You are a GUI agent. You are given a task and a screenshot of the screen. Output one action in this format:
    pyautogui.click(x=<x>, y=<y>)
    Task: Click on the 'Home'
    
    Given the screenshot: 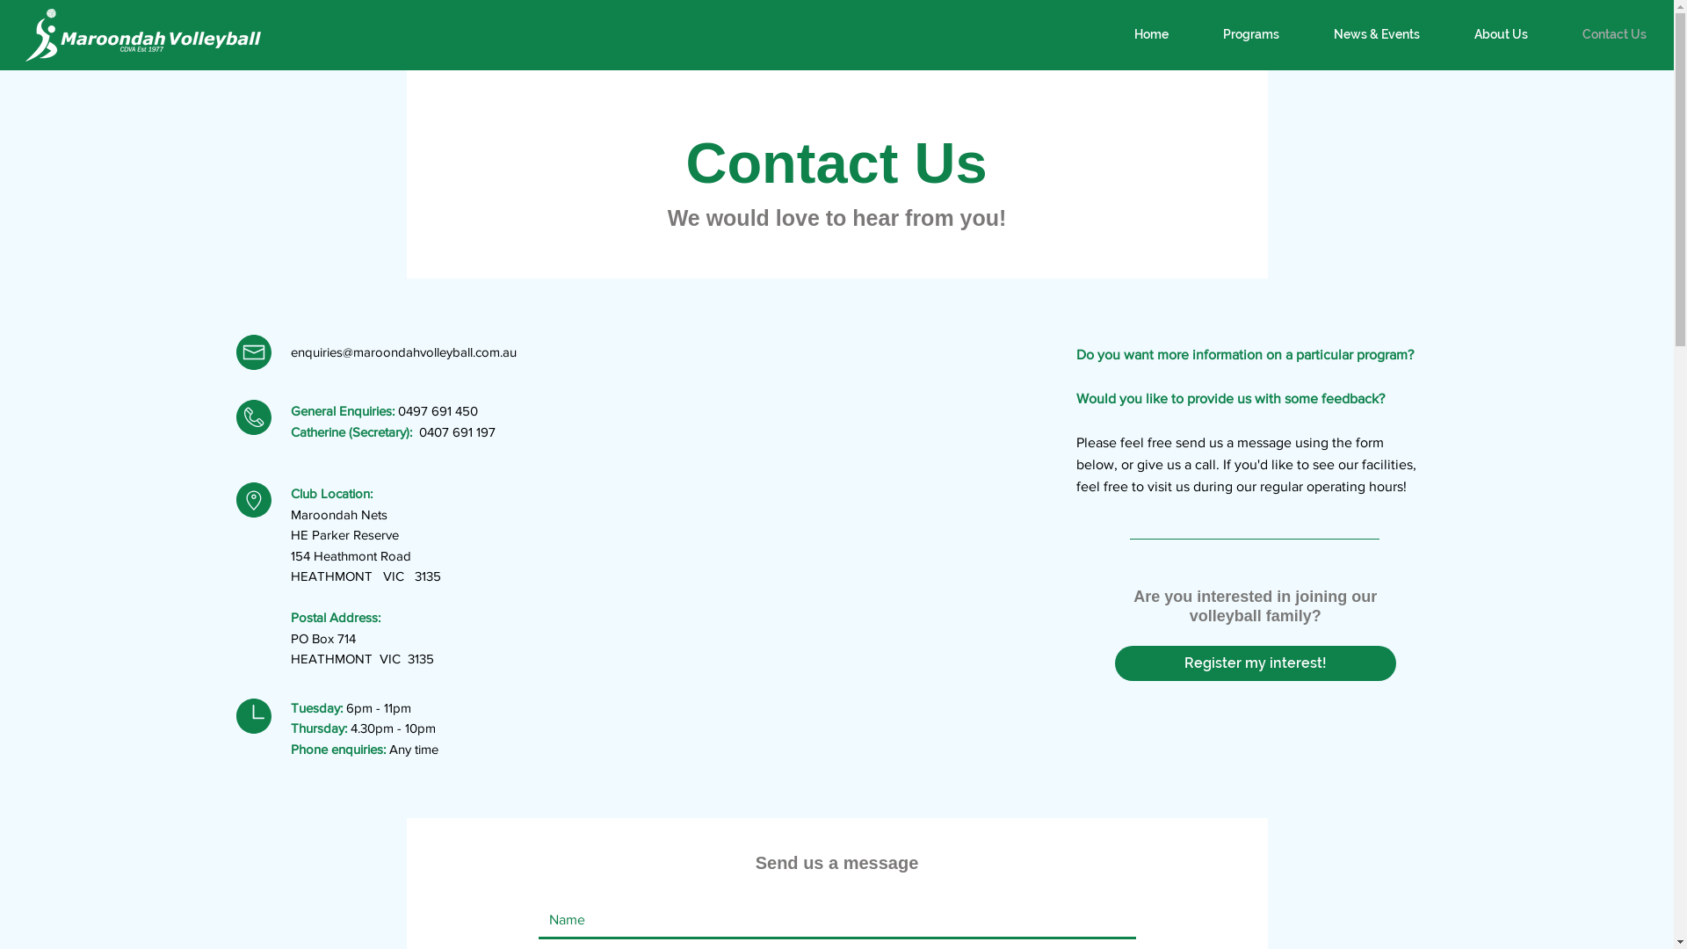 What is the action you would take?
    pyautogui.click(x=1151, y=34)
    